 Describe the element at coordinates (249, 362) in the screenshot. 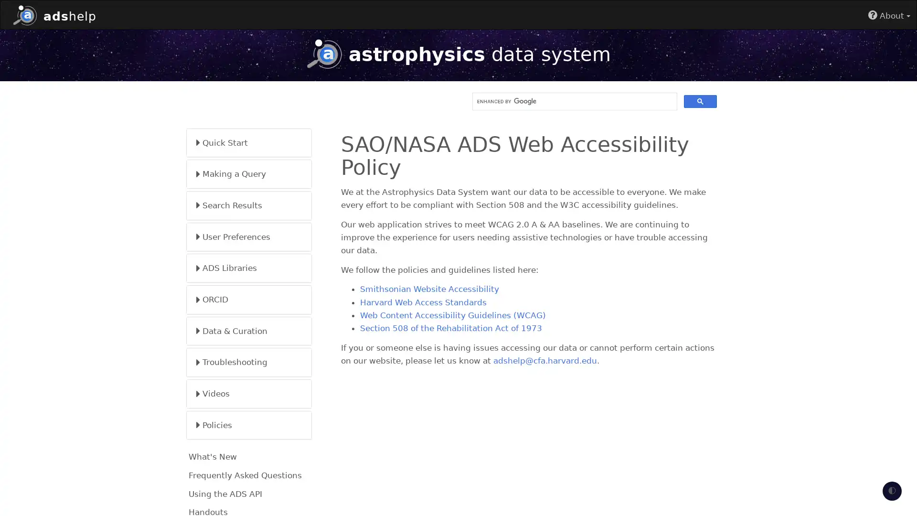

I see `Troubleshooting` at that location.